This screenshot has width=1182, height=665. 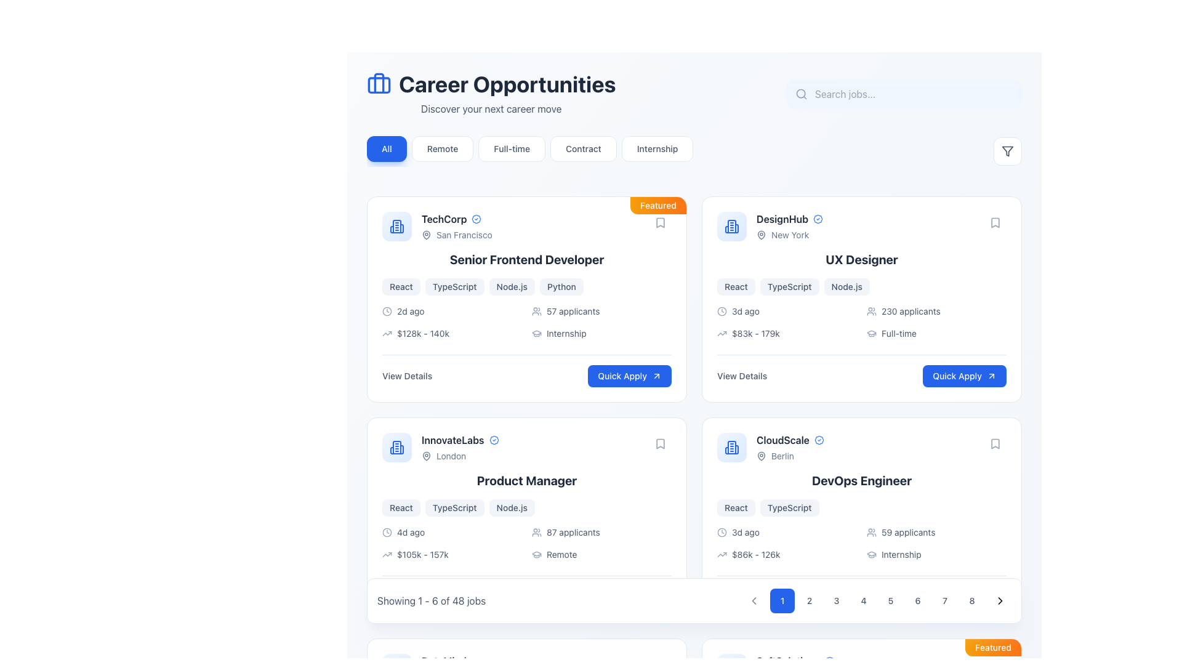 I want to click on the left-pointing chevron button, which is the first interactive element in the pagination controls, so click(x=753, y=600).